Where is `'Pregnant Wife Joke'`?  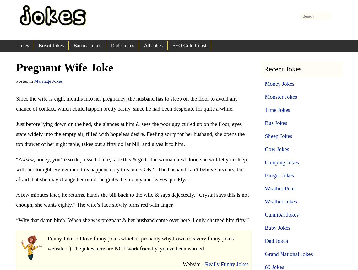
'Pregnant Wife Joke' is located at coordinates (16, 68).